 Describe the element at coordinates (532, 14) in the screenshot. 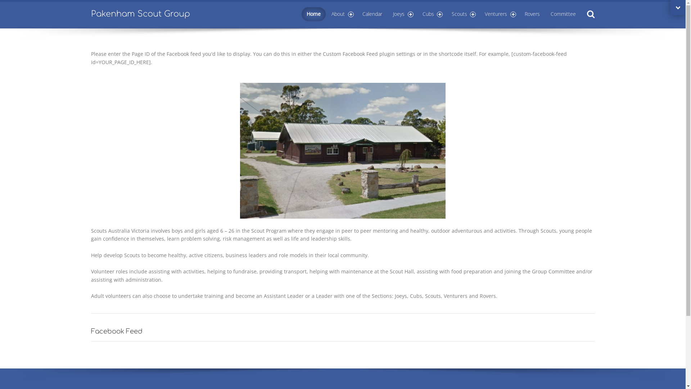

I see `'Rovers'` at that location.